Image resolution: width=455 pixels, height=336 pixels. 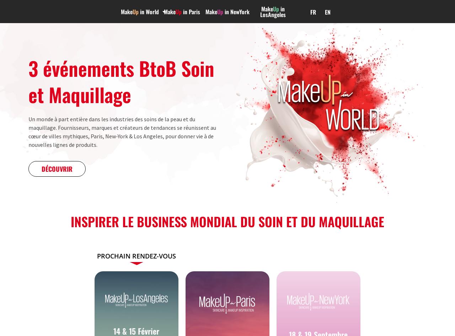 What do you see at coordinates (236, 11) in the screenshot?
I see `'in NewYork'` at bounding box center [236, 11].